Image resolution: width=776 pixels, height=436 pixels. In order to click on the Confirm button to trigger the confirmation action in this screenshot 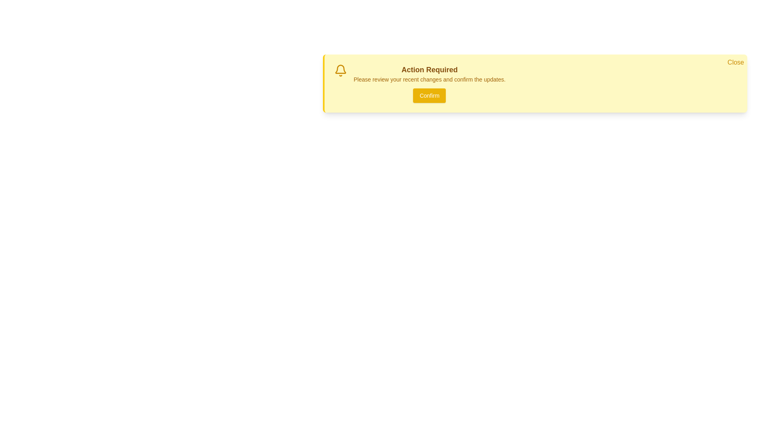, I will do `click(429, 95)`.